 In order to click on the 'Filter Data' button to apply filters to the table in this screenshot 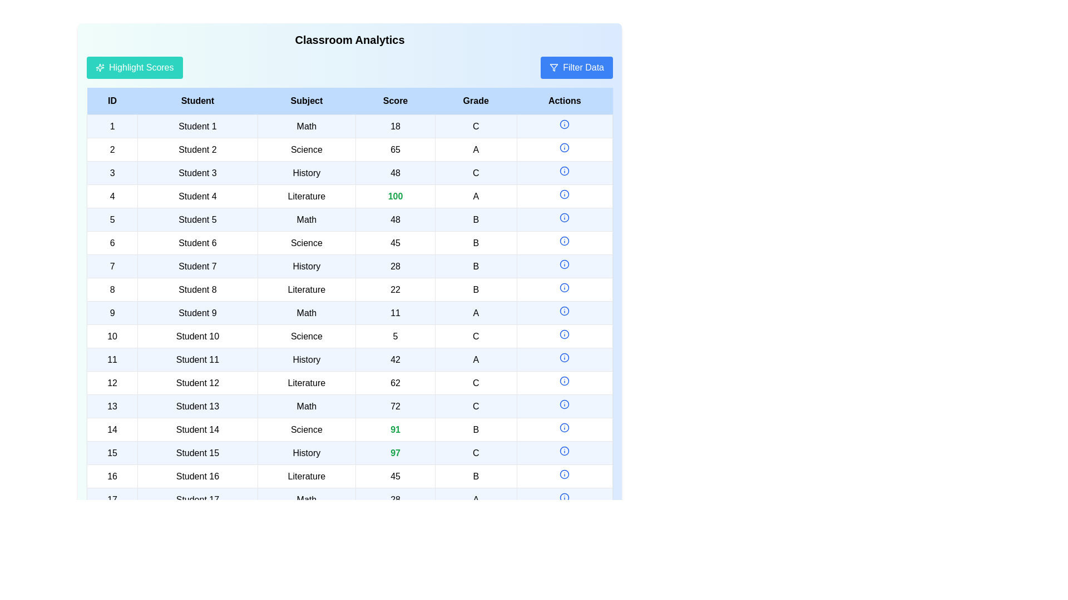, I will do `click(576, 68)`.